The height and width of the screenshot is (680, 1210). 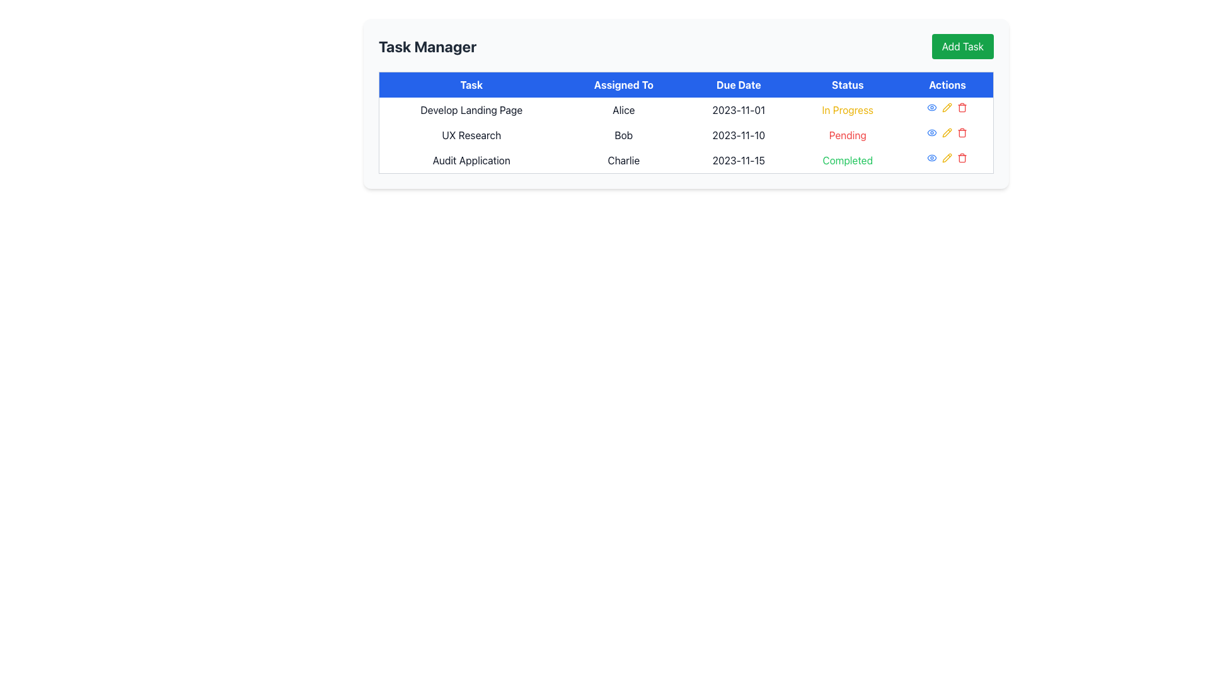 What do you see at coordinates (947, 133) in the screenshot?
I see `the edit icon in the 'Actions' column of the 'Task Manager' interface for the task 'UX Research' to initiate editing` at bounding box center [947, 133].